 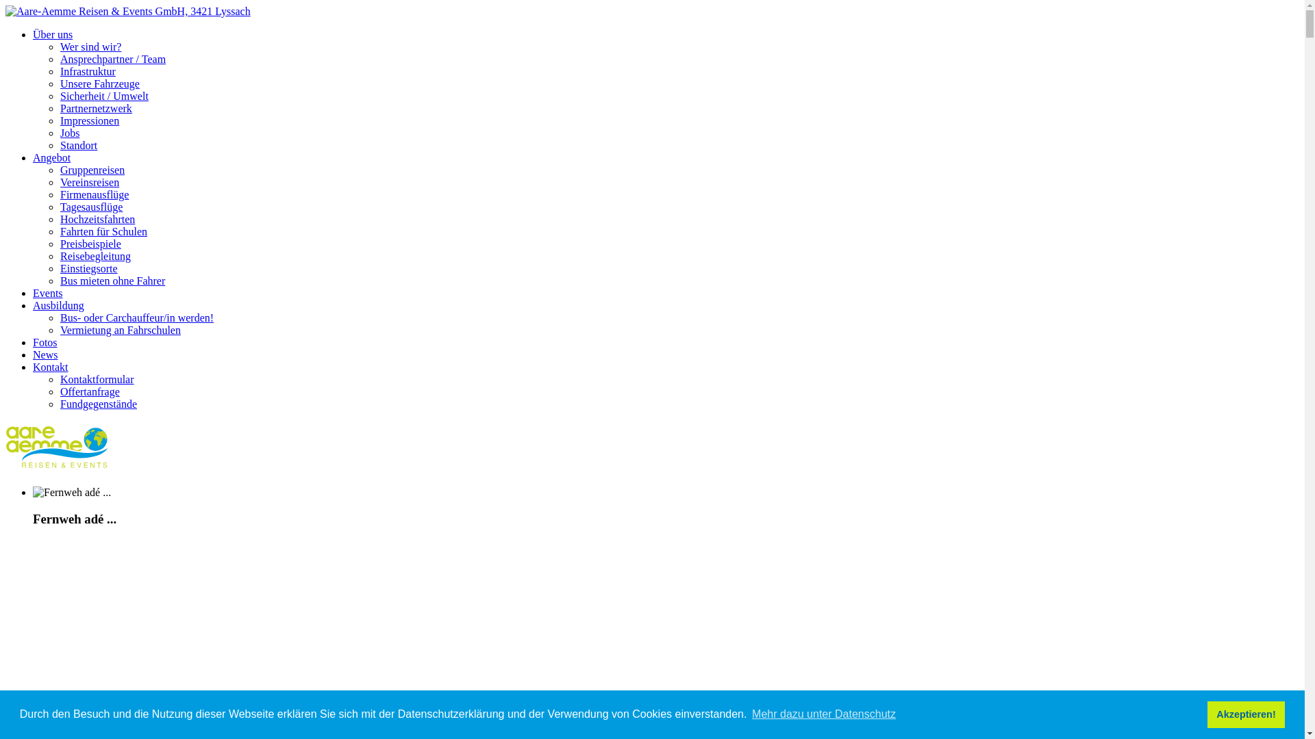 What do you see at coordinates (95, 107) in the screenshot?
I see `'Partnernetzwerk'` at bounding box center [95, 107].